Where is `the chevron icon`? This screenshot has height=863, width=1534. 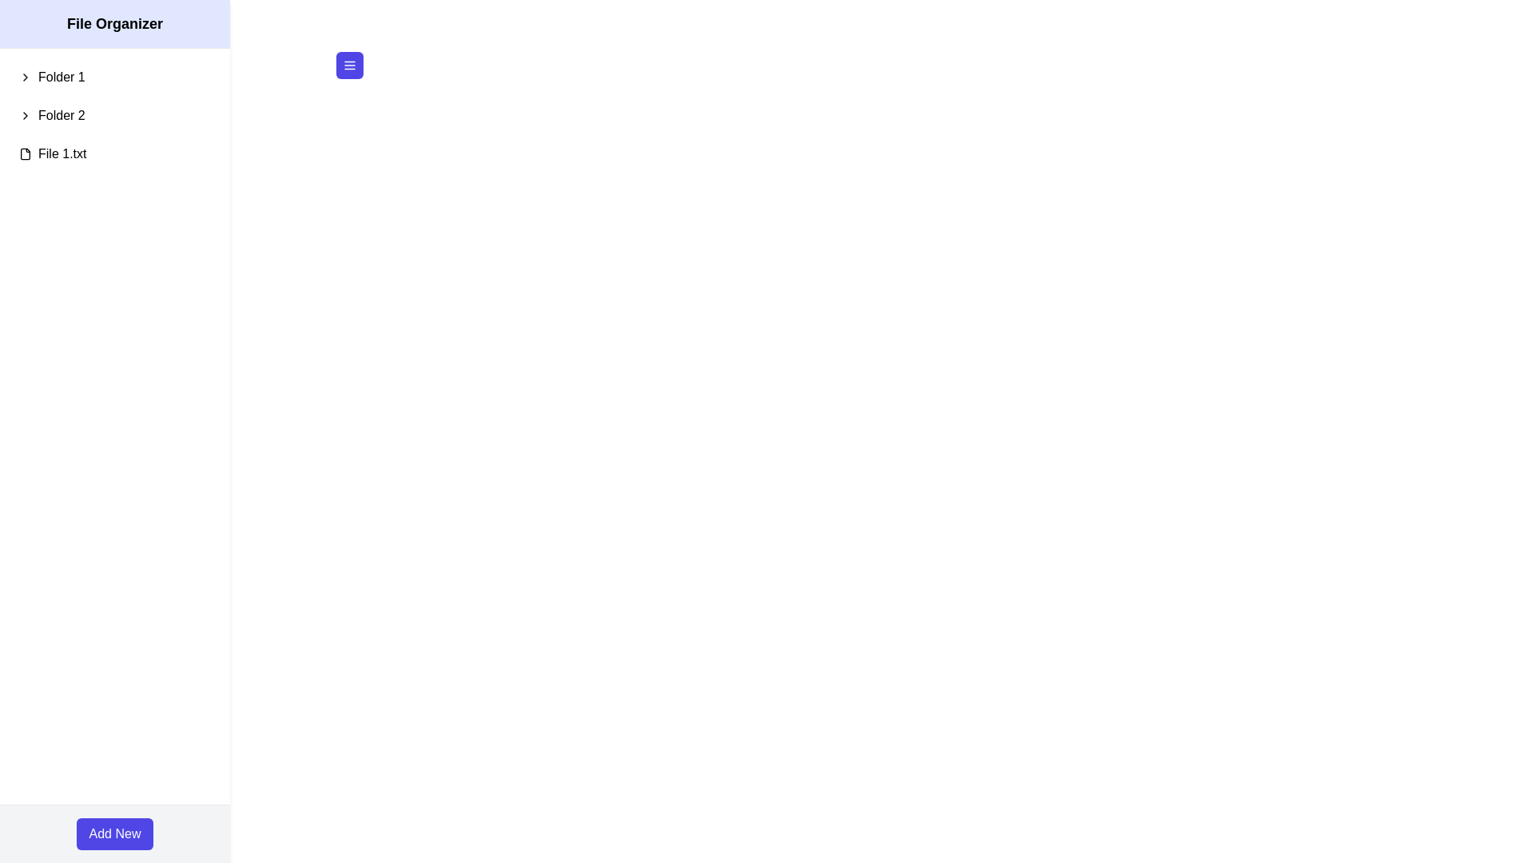 the chevron icon is located at coordinates (26, 115).